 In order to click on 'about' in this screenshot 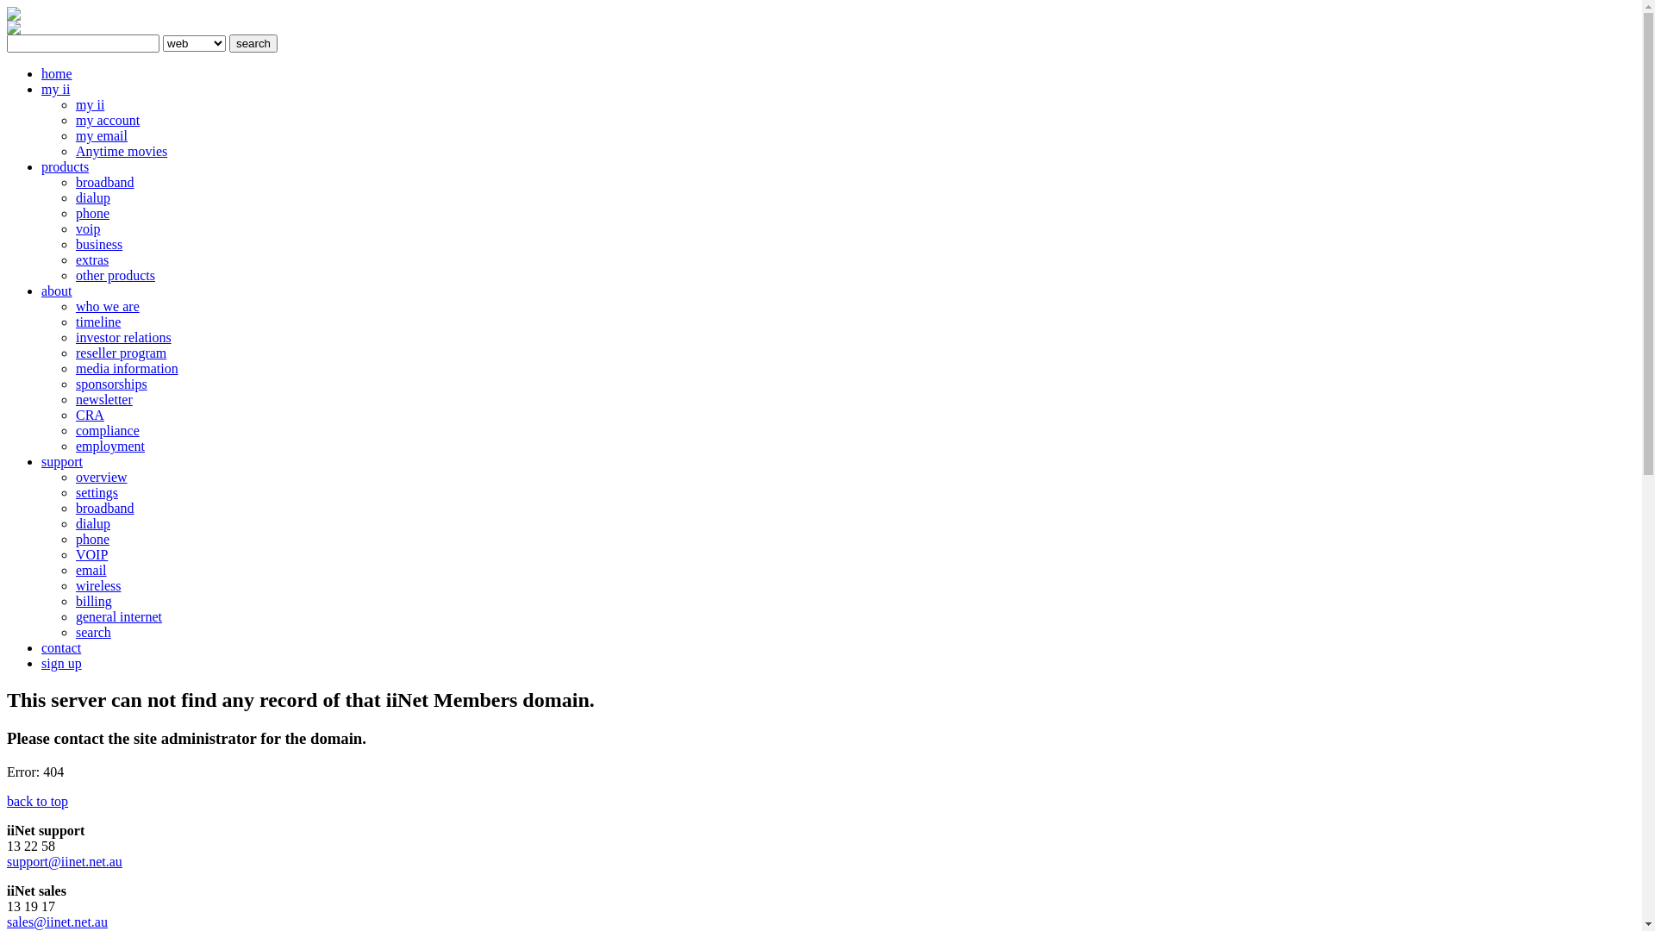, I will do `click(41, 290)`.